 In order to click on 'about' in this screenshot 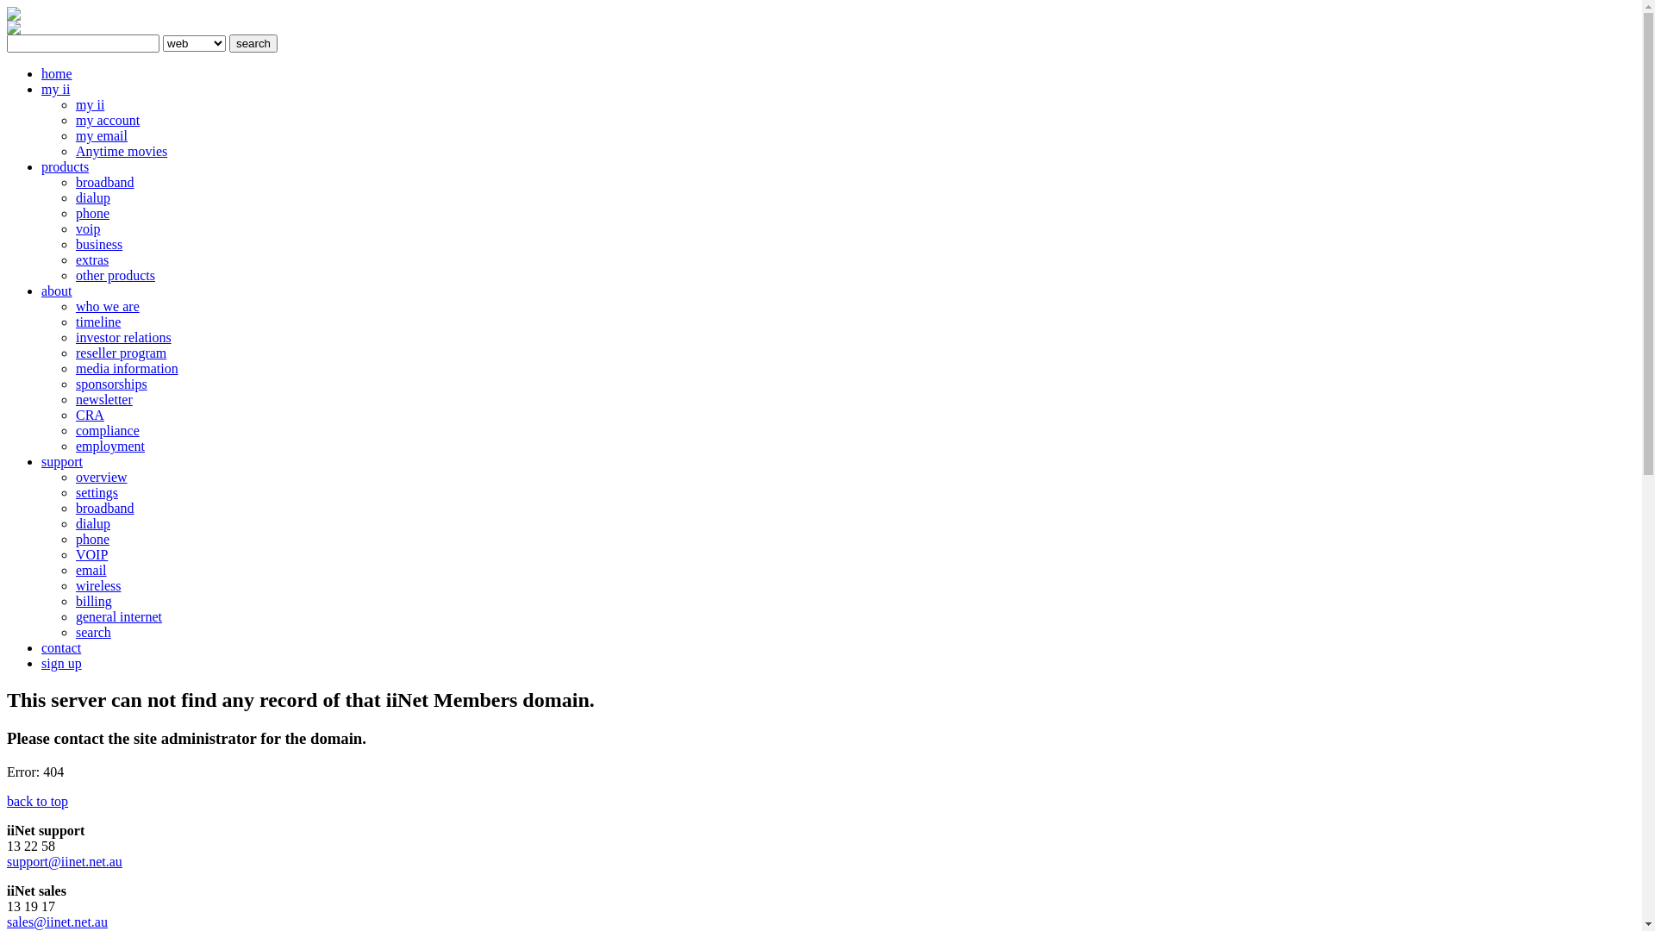, I will do `click(41, 290)`.